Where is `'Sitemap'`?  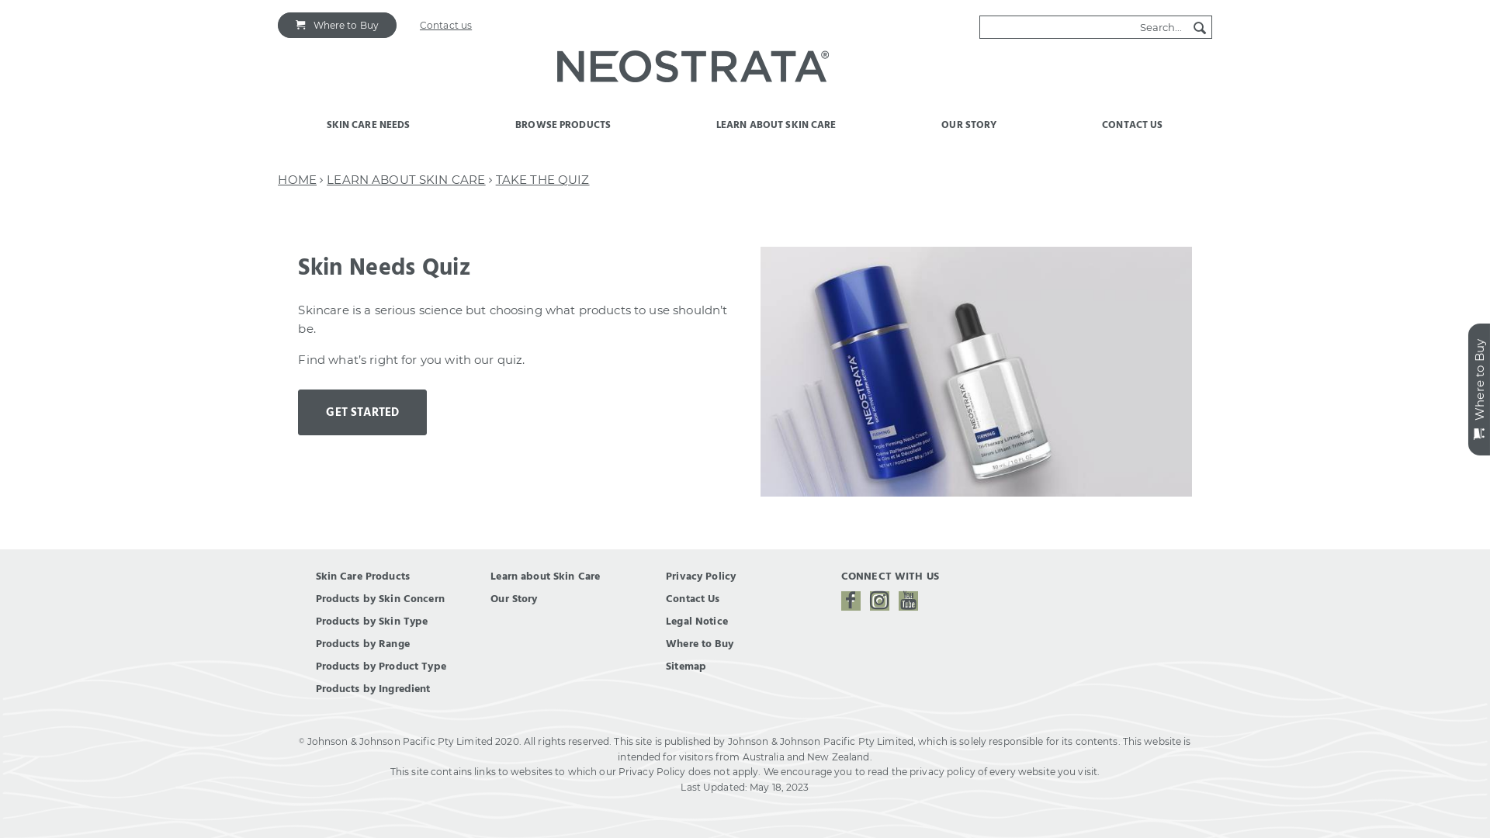 'Sitemap' is located at coordinates (684, 666).